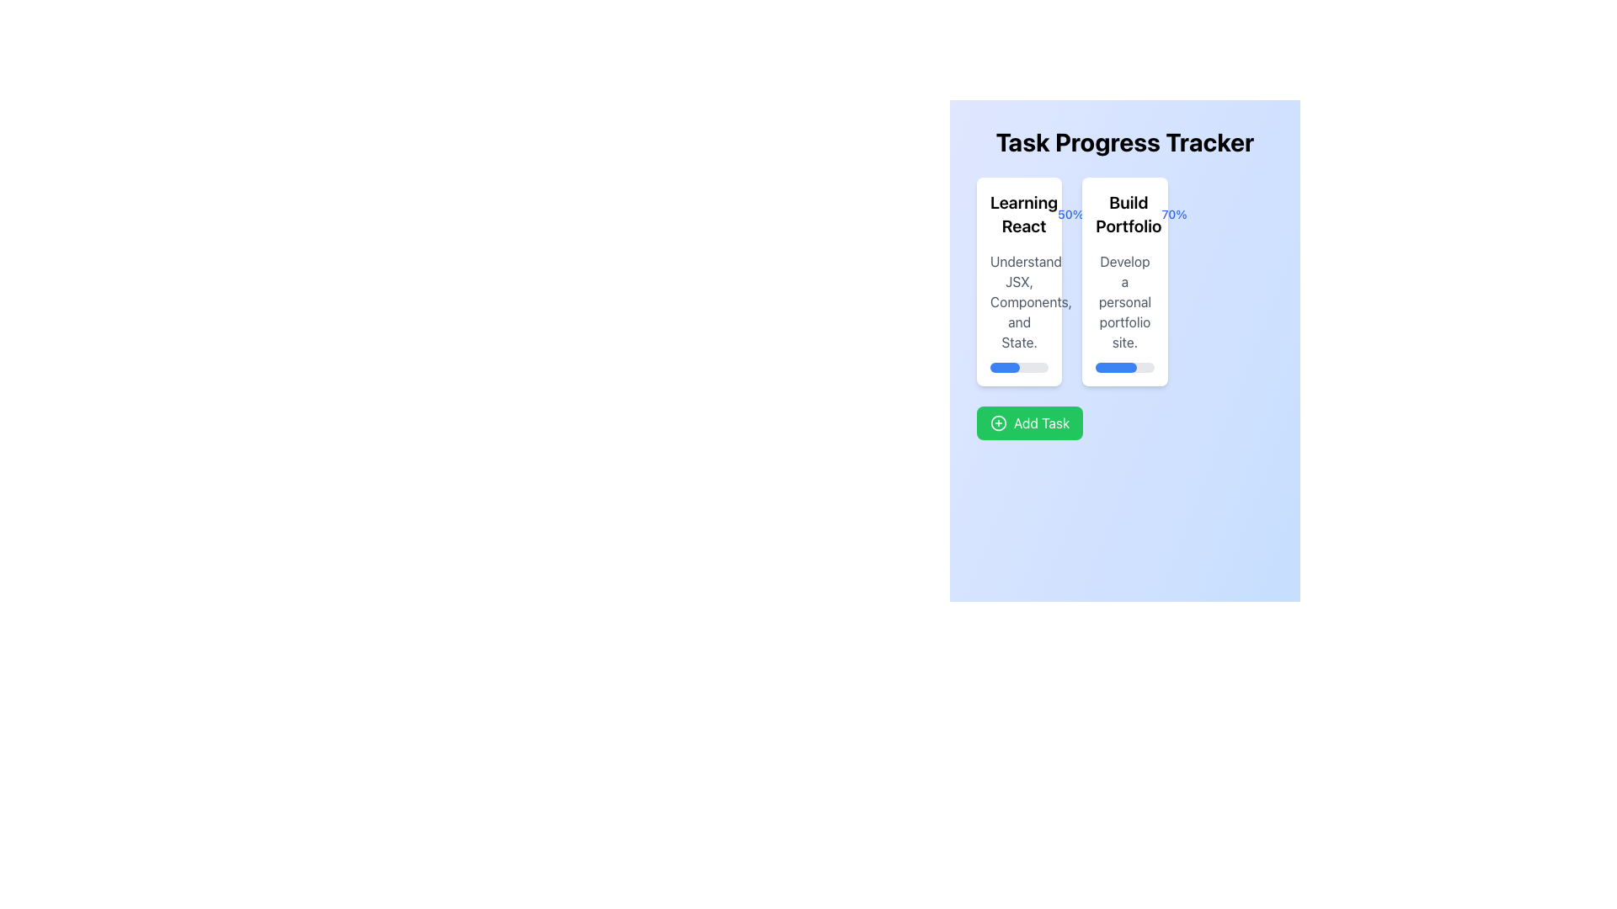 The height and width of the screenshot is (909, 1617). What do you see at coordinates (1129, 213) in the screenshot?
I see `the bold text label displaying 'Build Portfolio' which is positioned above the percentage label in the second card on the center-right of the interface` at bounding box center [1129, 213].